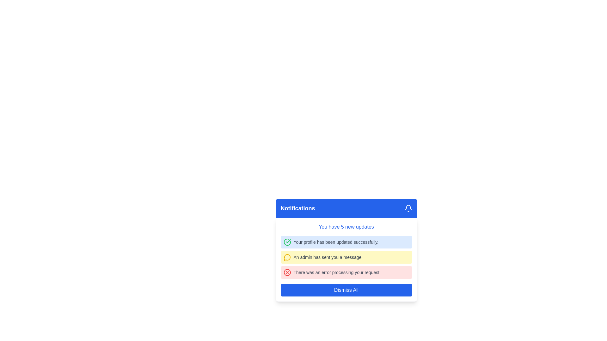 The width and height of the screenshot is (607, 341). I want to click on the text label that indicates a successful profile update in the first notification slot of the Notifications panel, located to the right of a green checkmark icon, so click(335, 242).